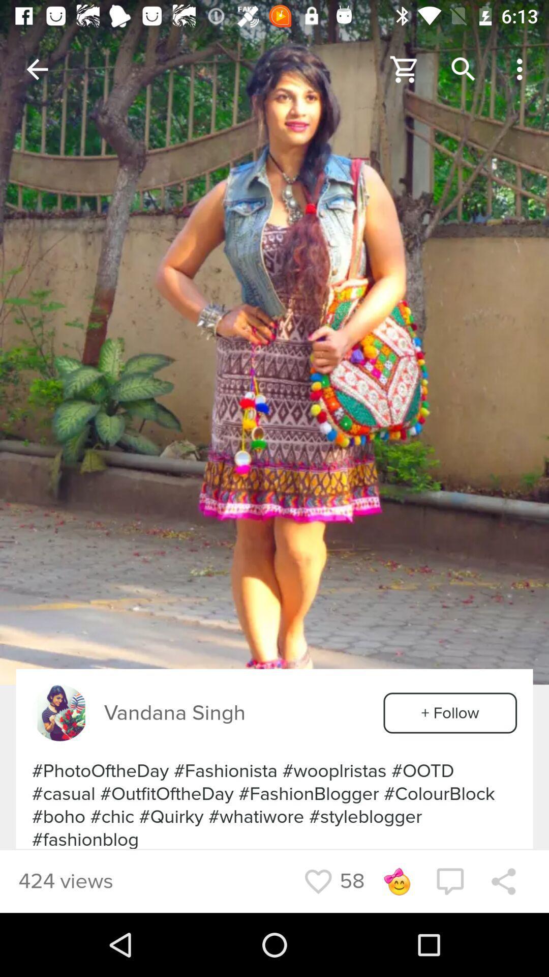  What do you see at coordinates (449, 881) in the screenshot?
I see `the chat icon` at bounding box center [449, 881].